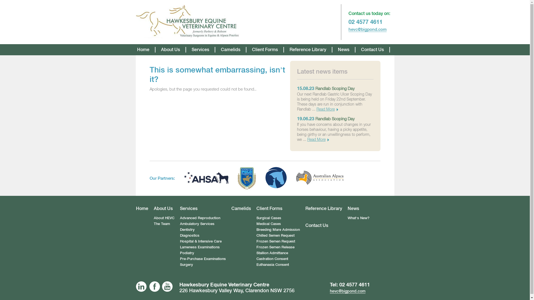 This screenshot has width=534, height=300. I want to click on 'Australian Alpaca Association', so click(320, 178).